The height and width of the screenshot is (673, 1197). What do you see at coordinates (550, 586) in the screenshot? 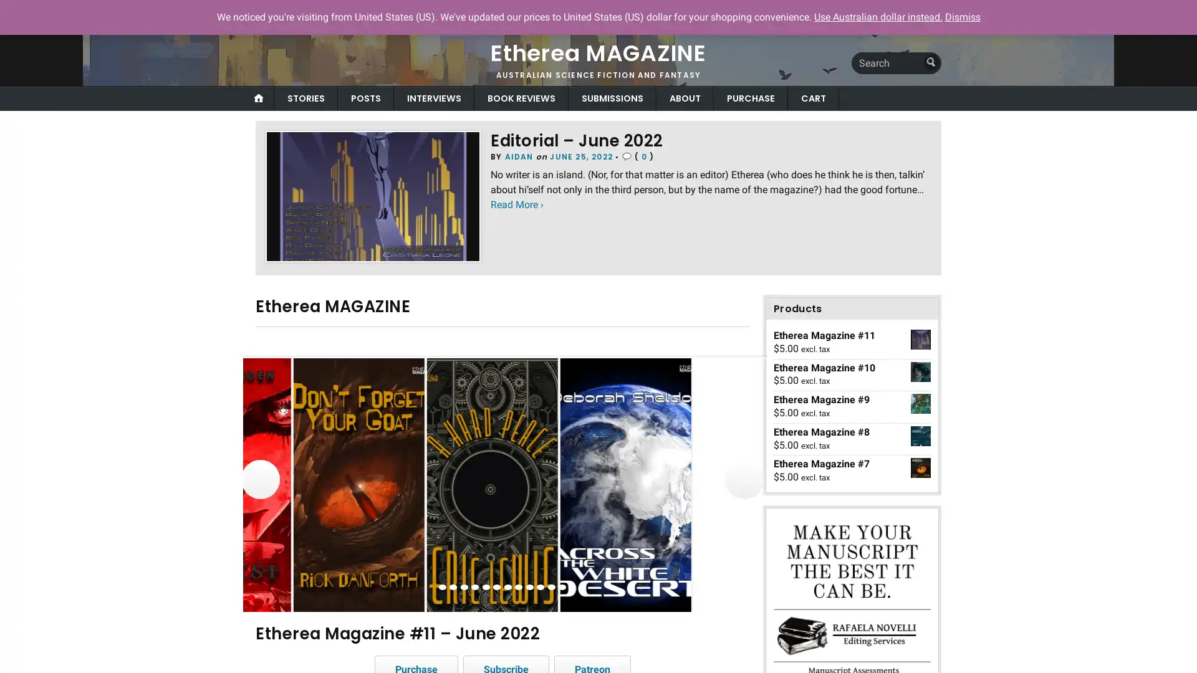
I see `view image 11 of 12 in carousel` at bounding box center [550, 586].